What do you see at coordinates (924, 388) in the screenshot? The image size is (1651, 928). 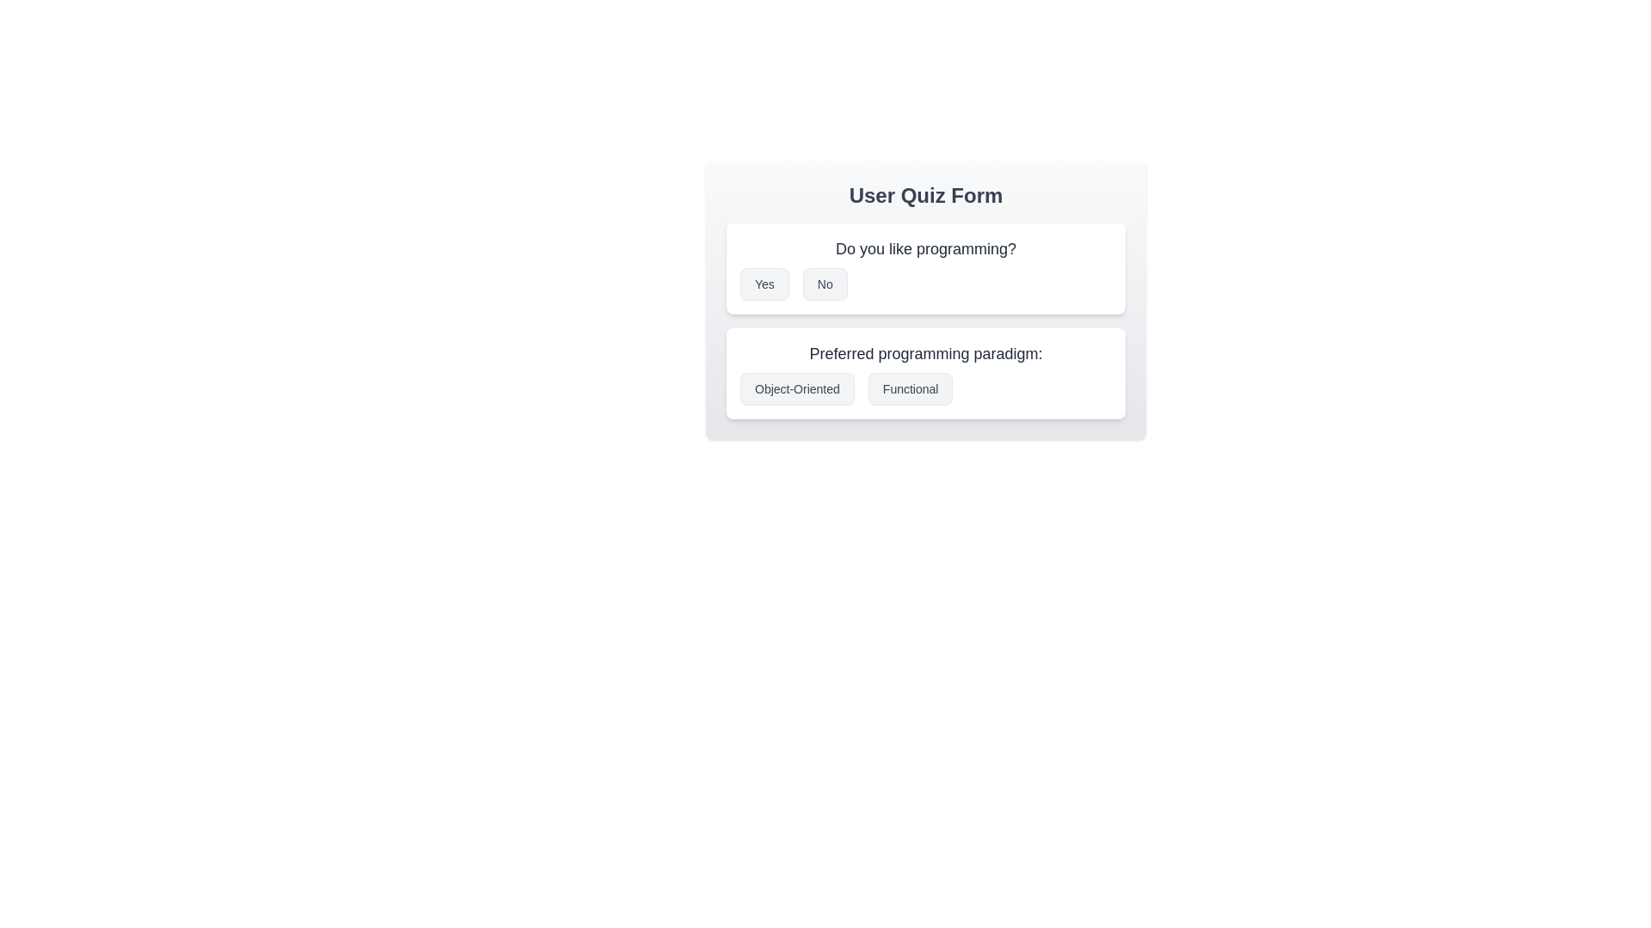 I see `the 'Functional' button within the grouped button element labeled 'Preferred programming paradigm:'` at bounding box center [924, 388].